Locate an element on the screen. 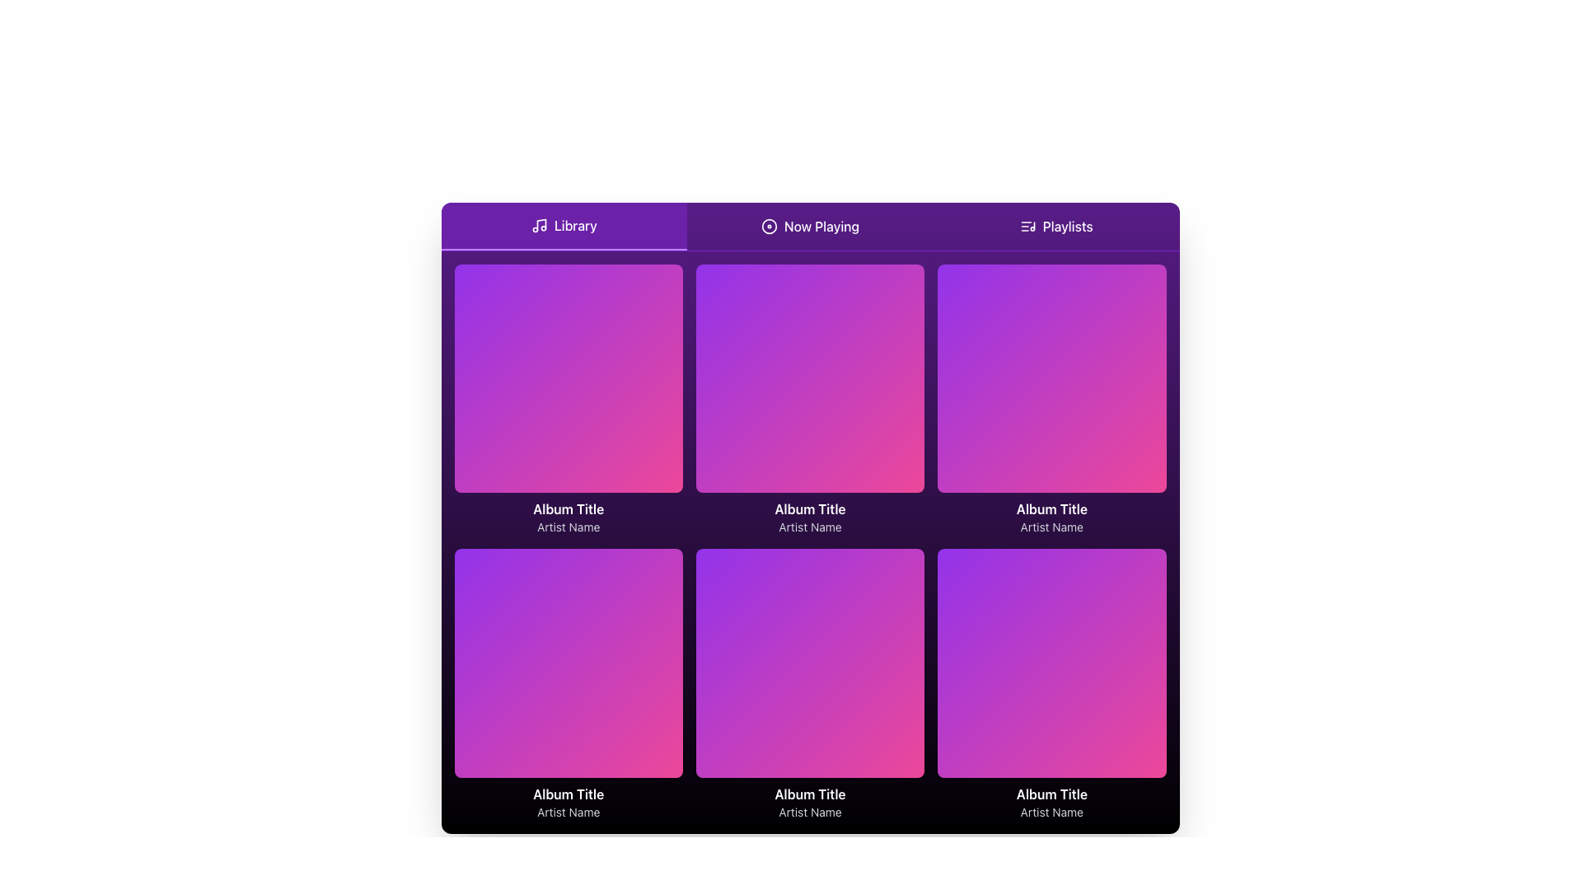  text block displaying 'Album Title' and 'Artist Name', which is centered at the bottom row of a 3x2 grid layout is located at coordinates (569, 801).